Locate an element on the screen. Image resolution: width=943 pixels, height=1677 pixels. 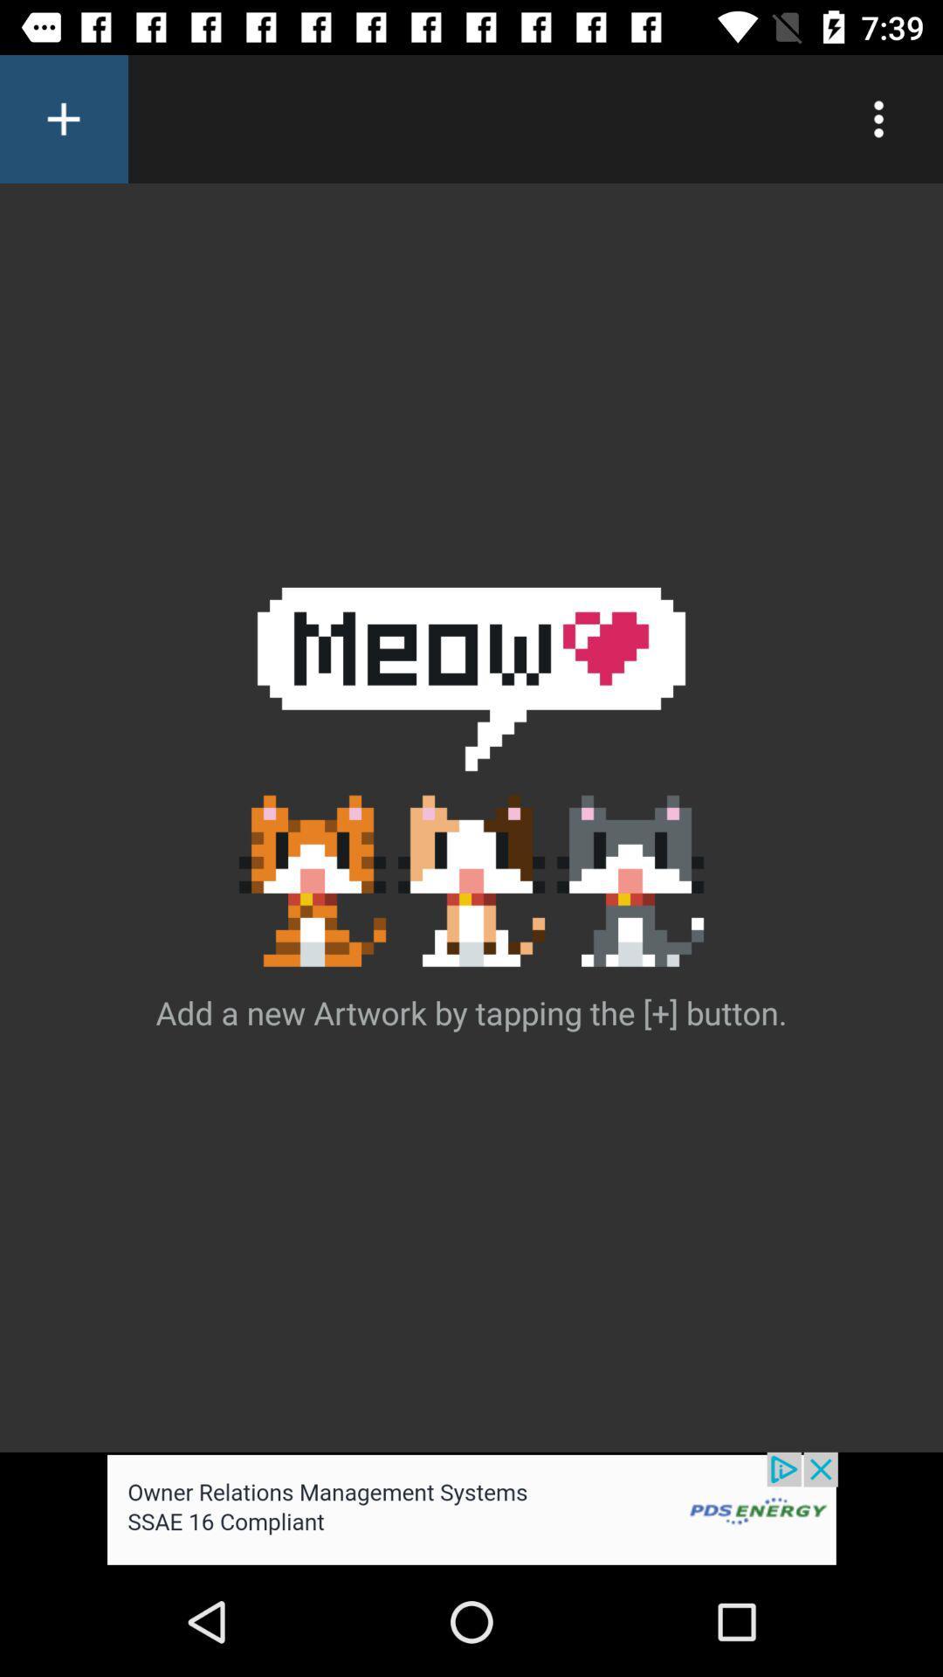
page is located at coordinates (63, 118).